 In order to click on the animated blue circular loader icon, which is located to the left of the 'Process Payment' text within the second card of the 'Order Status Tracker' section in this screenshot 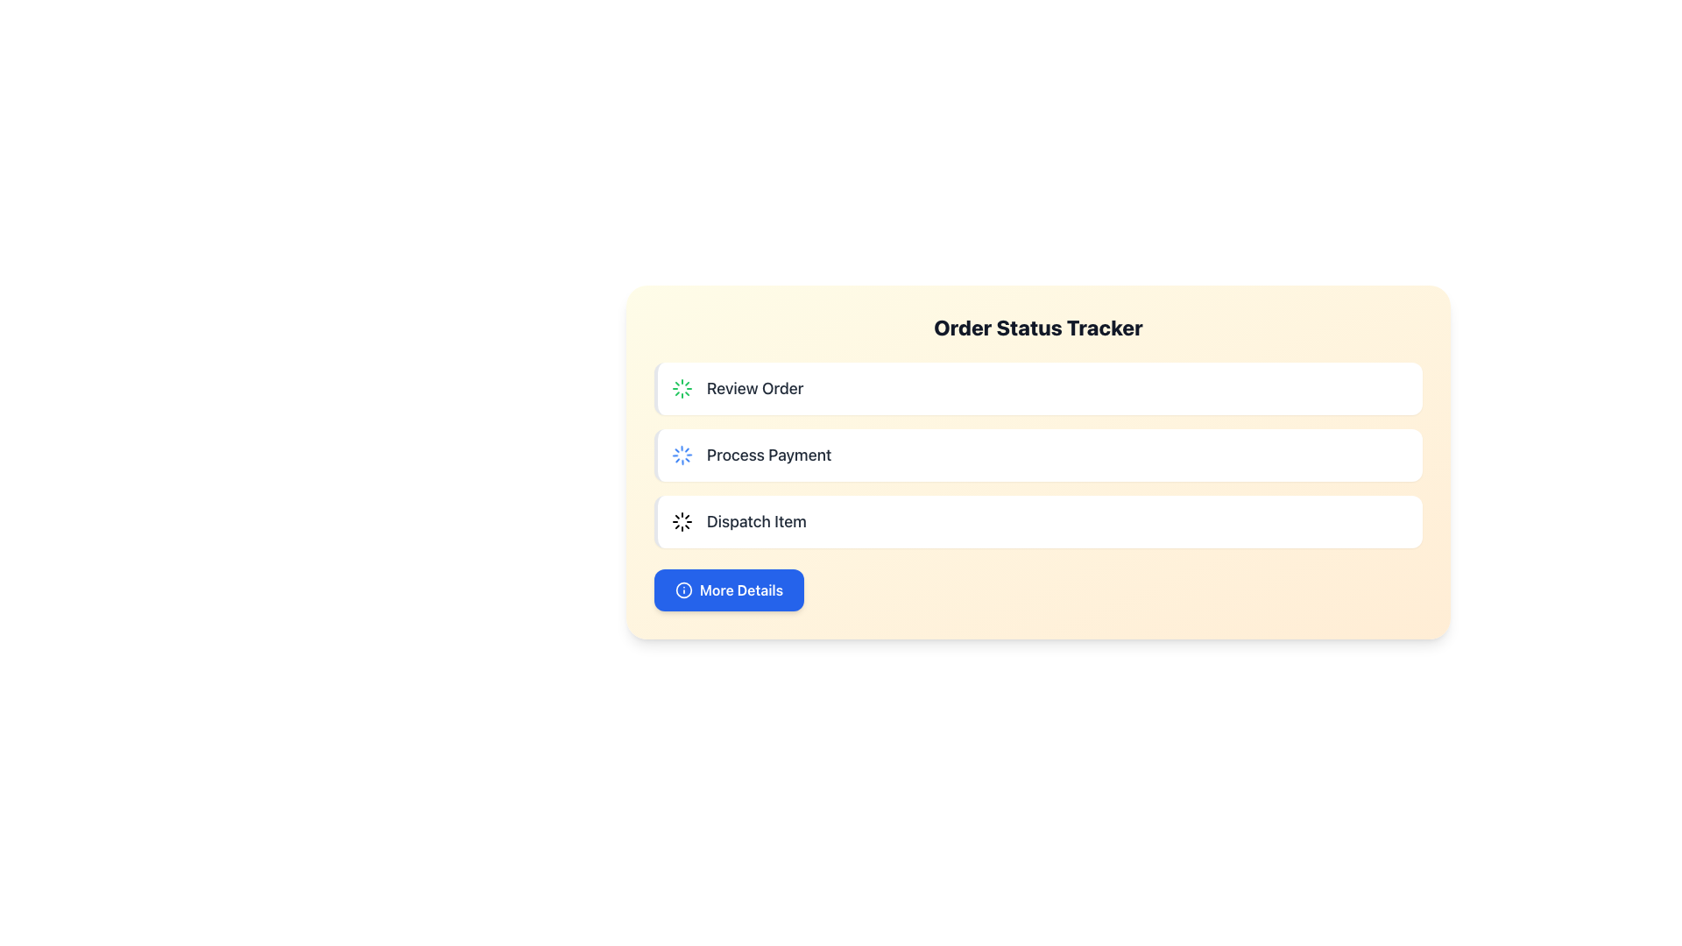, I will do `click(681, 454)`.